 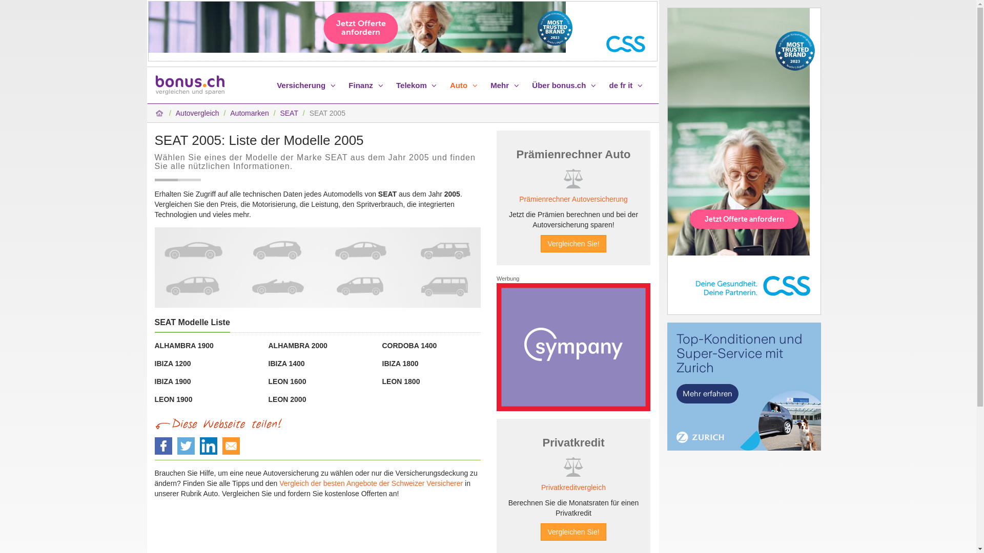 What do you see at coordinates (288, 113) in the screenshot?
I see `'SEAT'` at bounding box center [288, 113].